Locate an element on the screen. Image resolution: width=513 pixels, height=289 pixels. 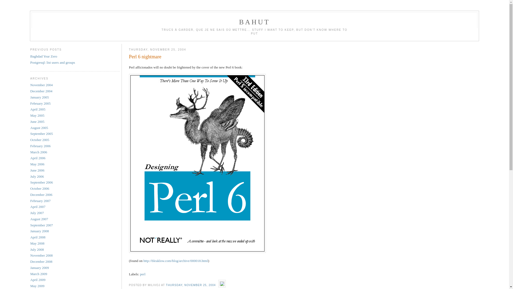
'May 2006' is located at coordinates (37, 164).